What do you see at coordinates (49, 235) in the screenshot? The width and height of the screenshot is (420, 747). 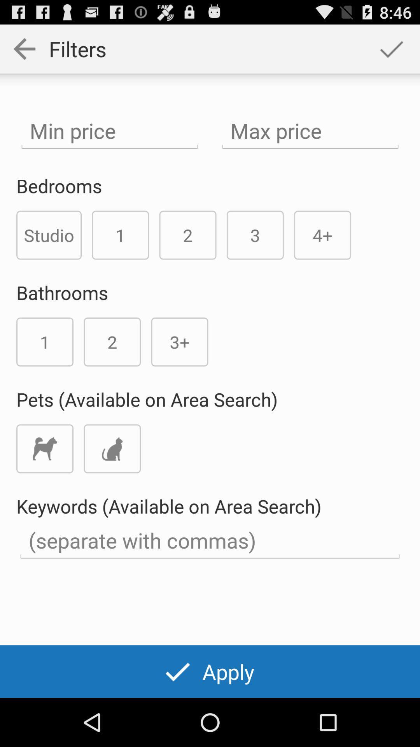 I see `the icon below bedrooms icon` at bounding box center [49, 235].